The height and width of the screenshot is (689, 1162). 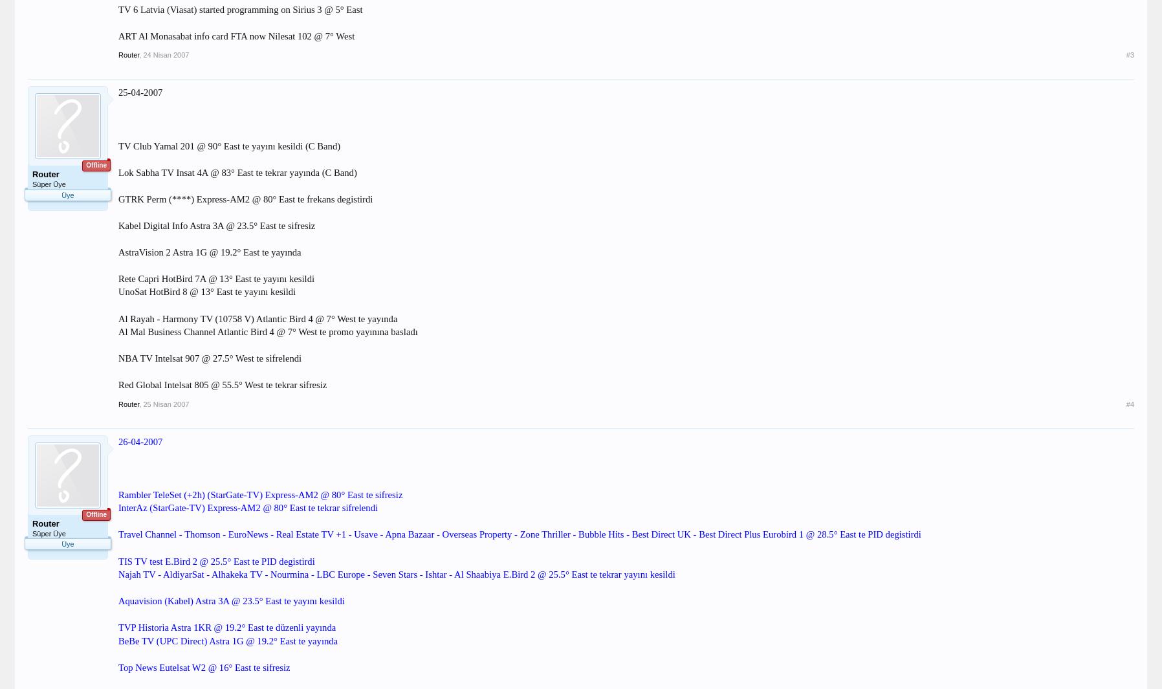 What do you see at coordinates (209, 251) in the screenshot?
I see `'AstraVision 2 Astra 1G @ 19.2° East te yayında'` at bounding box center [209, 251].